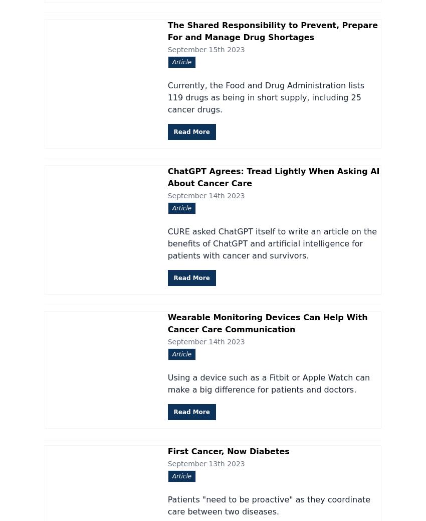 The height and width of the screenshot is (521, 426). What do you see at coordinates (268, 382) in the screenshot?
I see `'Using a device such as a Fitbit or Apple Watch can make a big difference for patients and doctors.'` at bounding box center [268, 382].